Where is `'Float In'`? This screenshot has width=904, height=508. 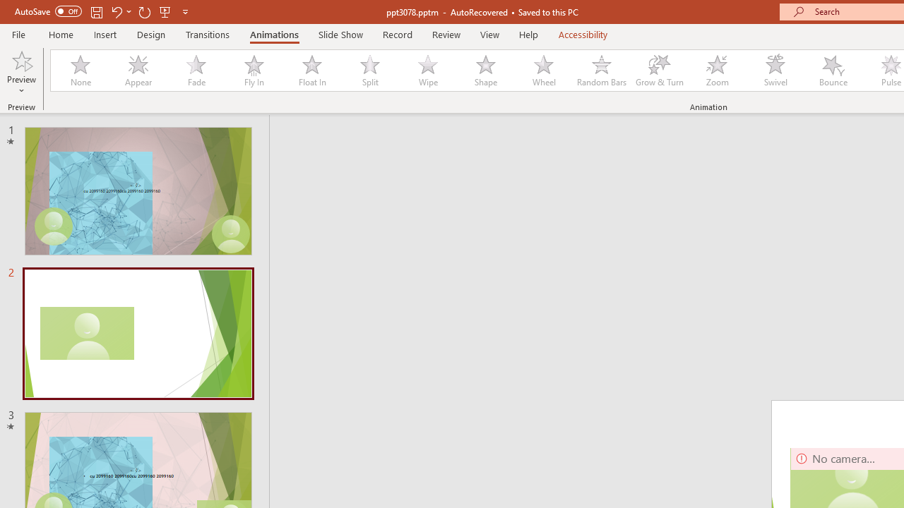
'Float In' is located at coordinates (311, 71).